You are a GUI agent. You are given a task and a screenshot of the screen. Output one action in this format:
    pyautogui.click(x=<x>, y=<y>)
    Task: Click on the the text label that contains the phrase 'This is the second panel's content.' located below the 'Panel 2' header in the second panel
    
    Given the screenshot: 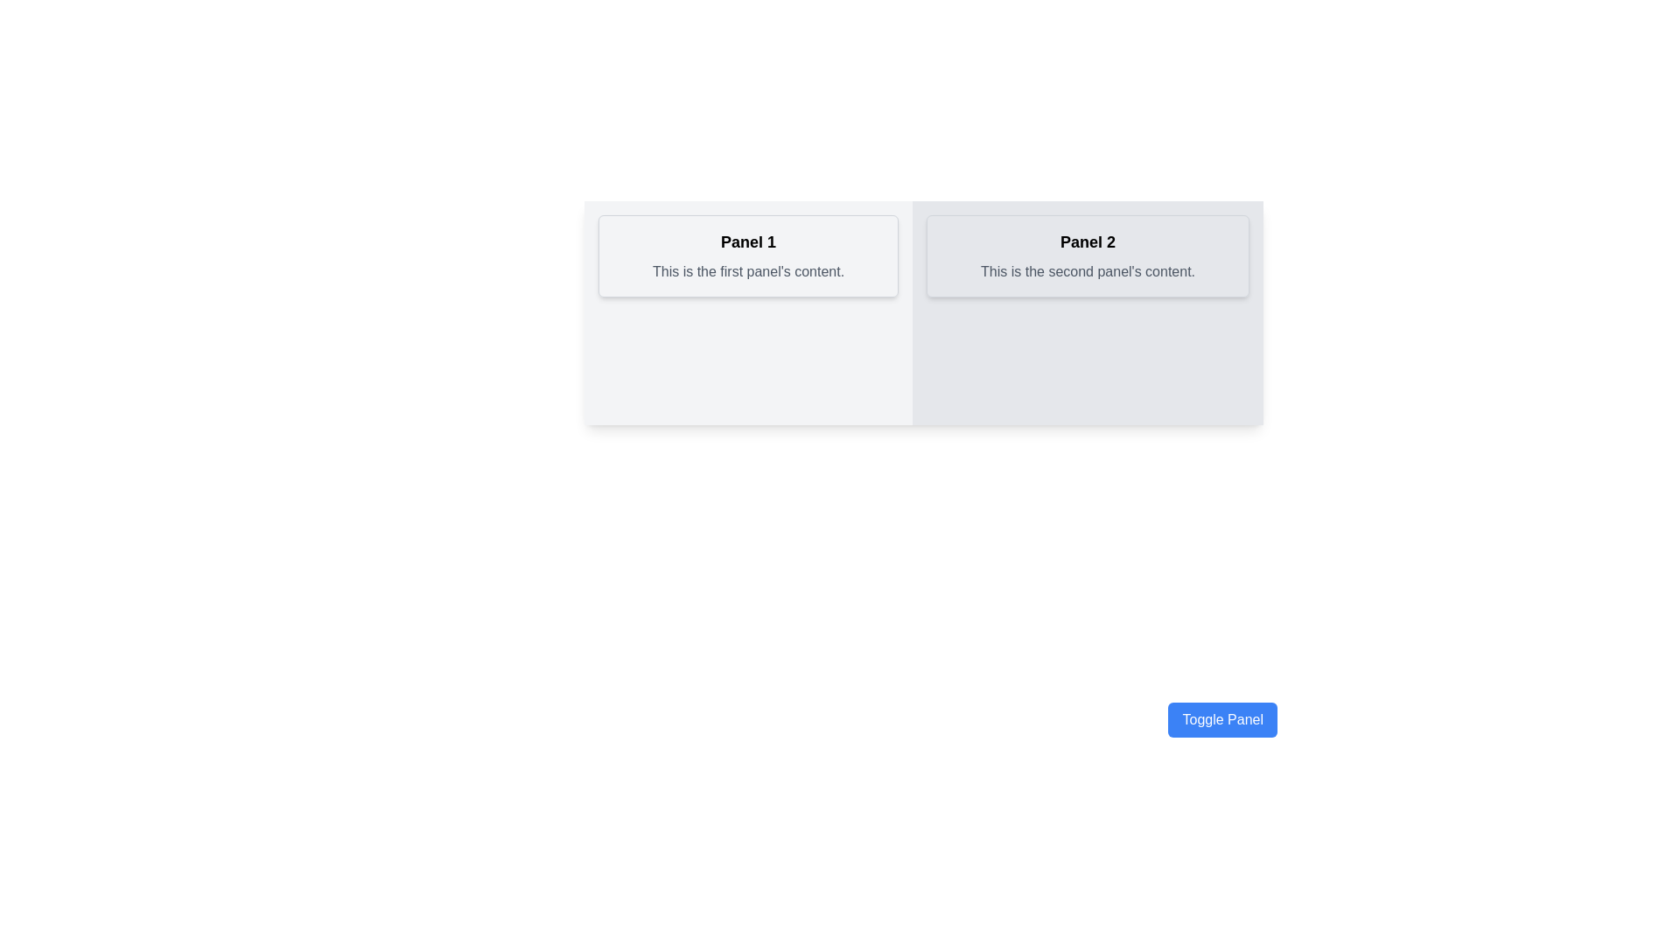 What is the action you would take?
    pyautogui.click(x=1087, y=272)
    